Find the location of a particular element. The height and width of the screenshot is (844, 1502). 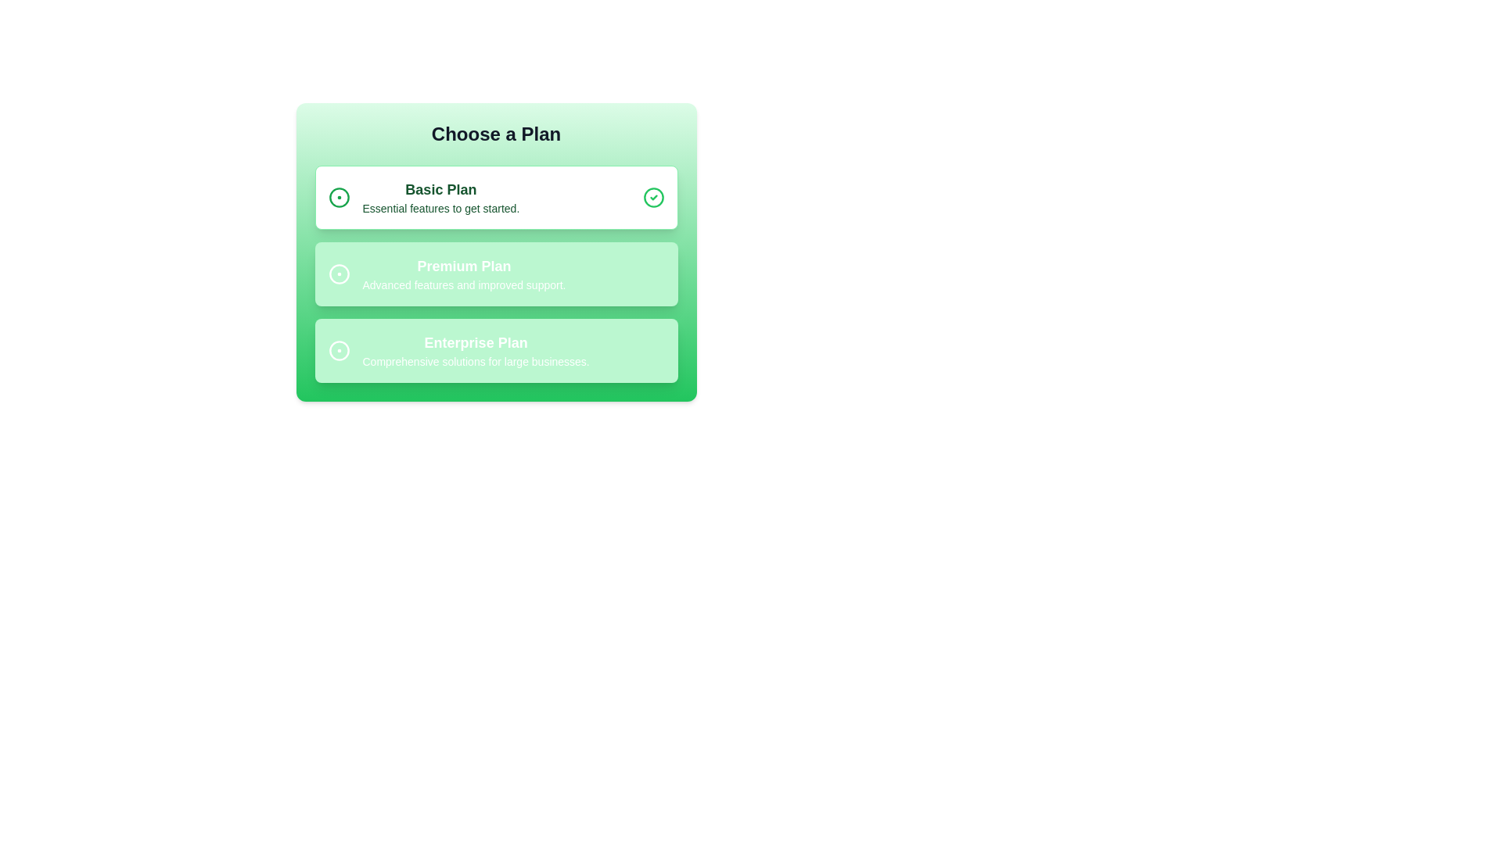

the green-filled circular icon with a checkmark symbol located to the right of the 'Basic Plan' text is located at coordinates (653, 197).